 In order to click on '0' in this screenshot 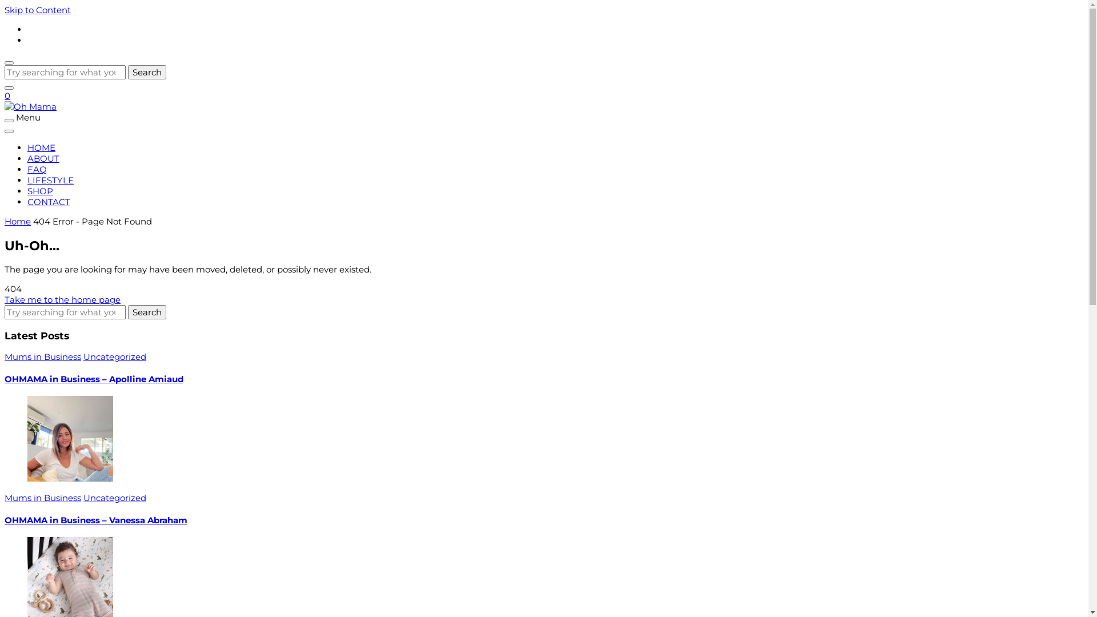, I will do `click(7, 95)`.